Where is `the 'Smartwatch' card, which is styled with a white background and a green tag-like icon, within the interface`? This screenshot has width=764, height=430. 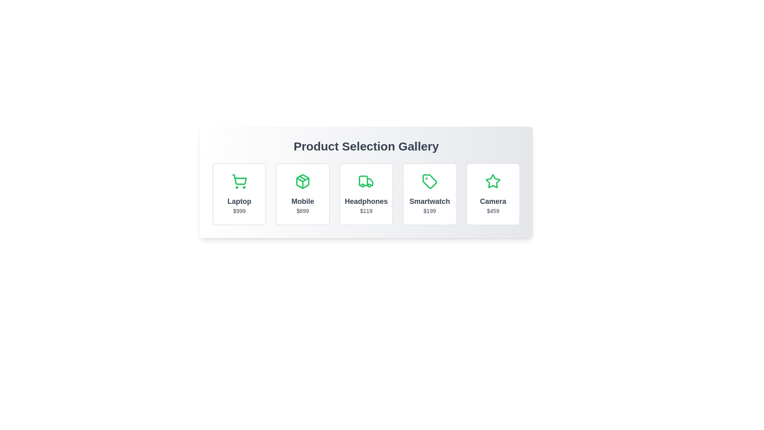 the 'Smartwatch' card, which is styled with a white background and a green tag-like icon, within the interface is located at coordinates (429, 194).